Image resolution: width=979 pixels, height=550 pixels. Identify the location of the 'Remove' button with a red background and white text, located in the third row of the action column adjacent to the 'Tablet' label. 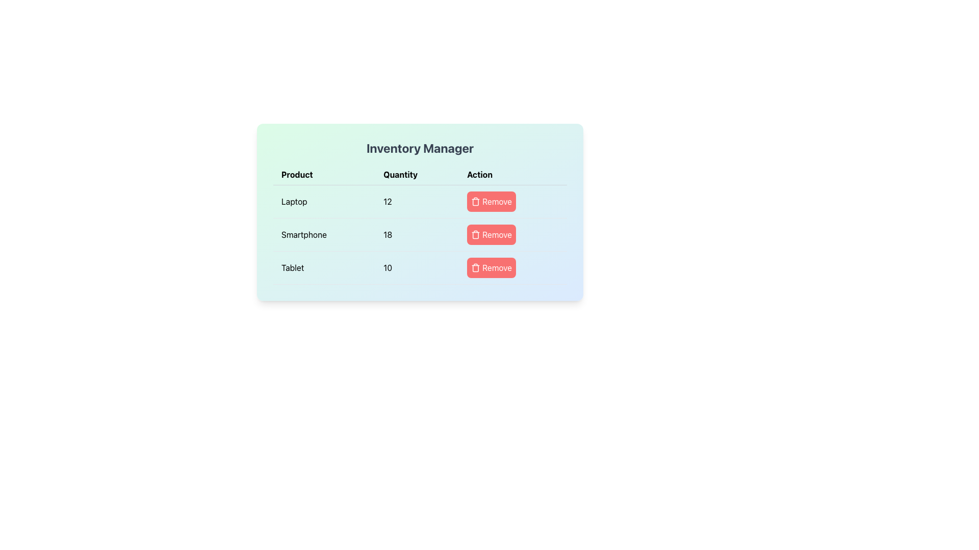
(513, 267).